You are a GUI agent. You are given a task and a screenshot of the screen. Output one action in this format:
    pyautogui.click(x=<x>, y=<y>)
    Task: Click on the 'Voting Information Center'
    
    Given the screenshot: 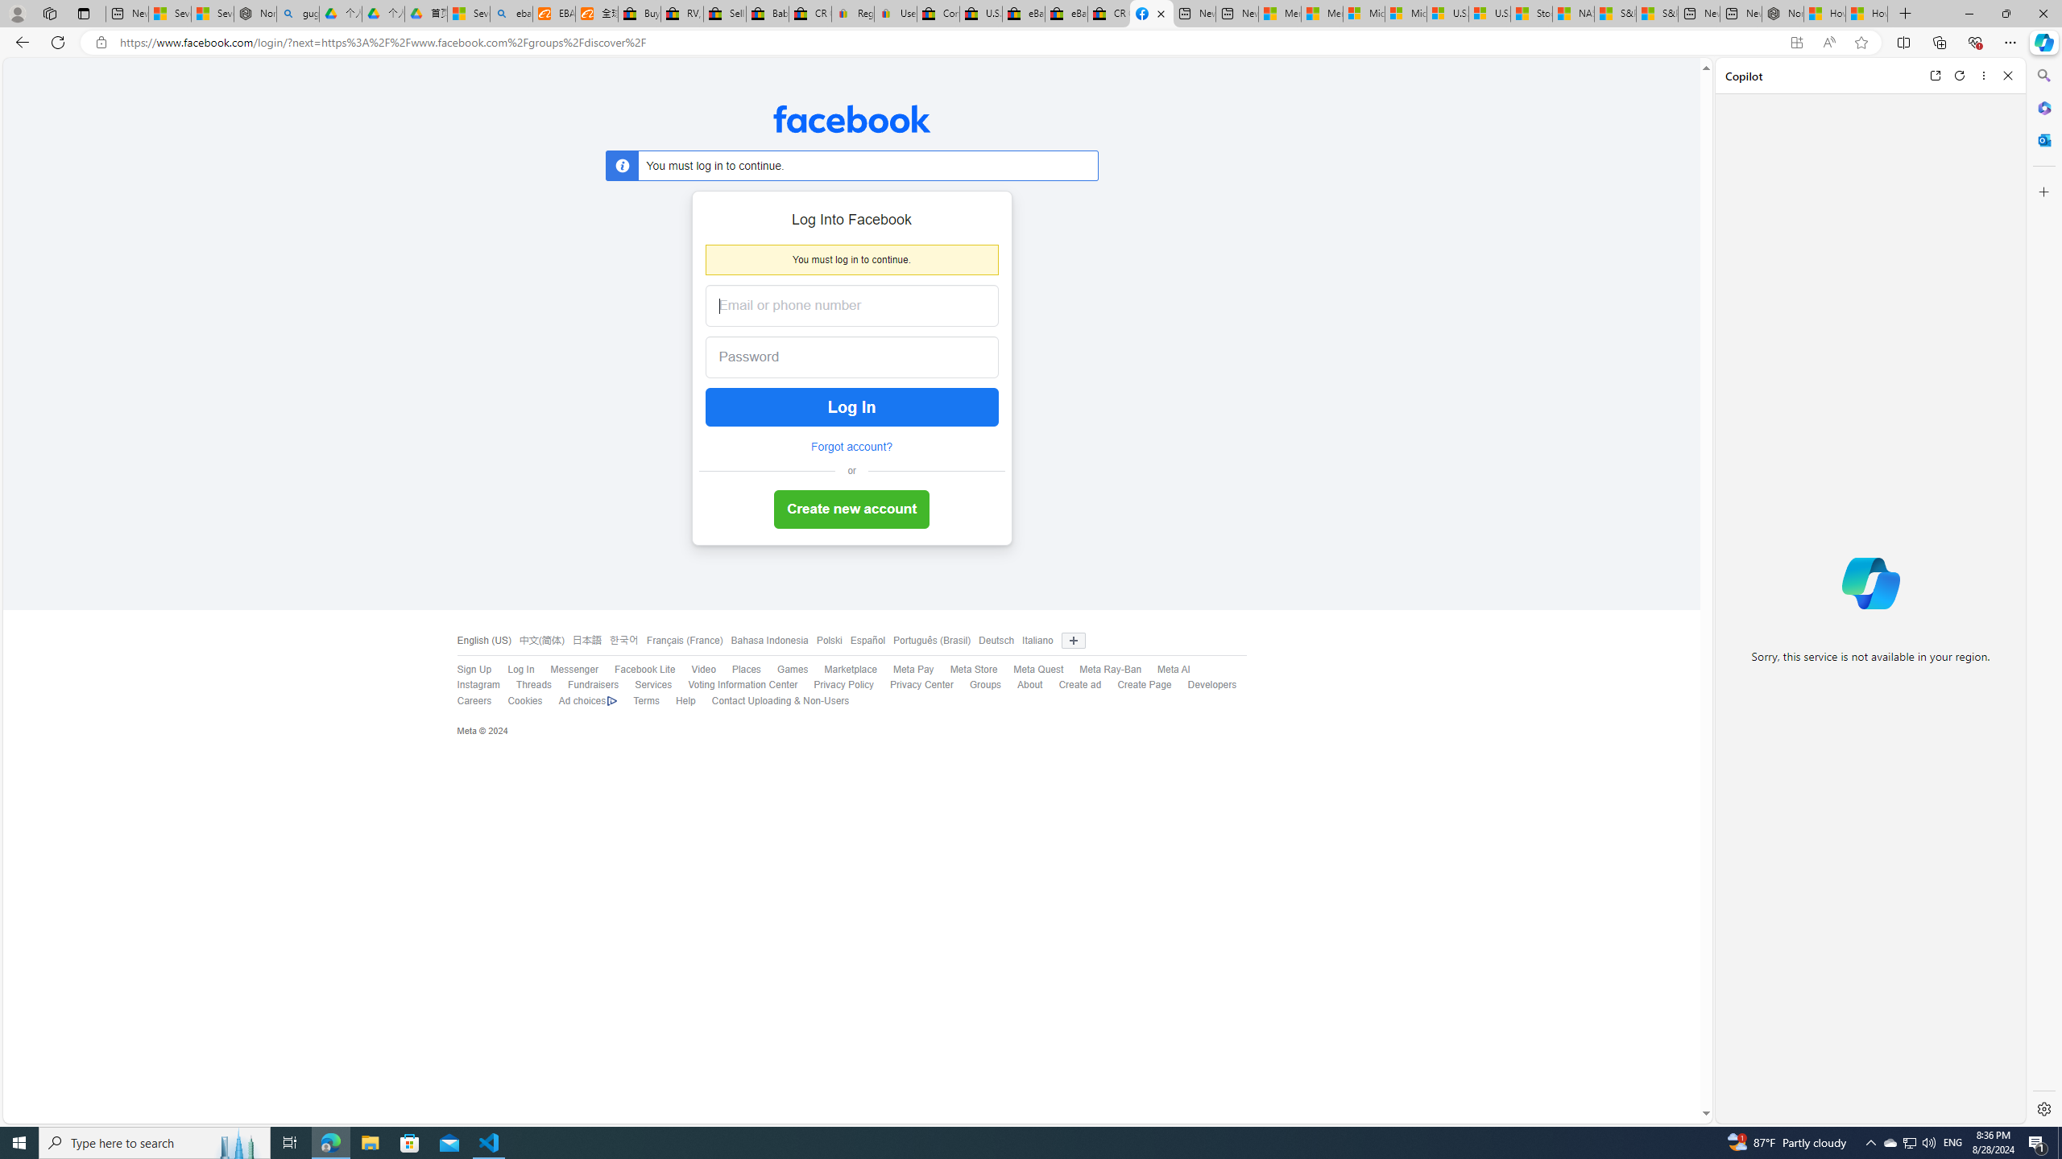 What is the action you would take?
    pyautogui.click(x=735, y=685)
    